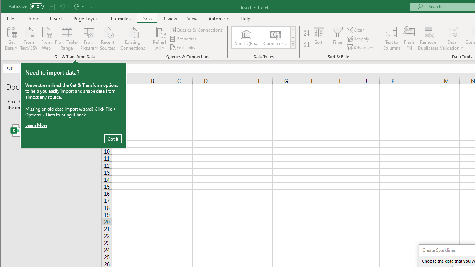  What do you see at coordinates (147, 18) in the screenshot?
I see `'Data'` at bounding box center [147, 18].